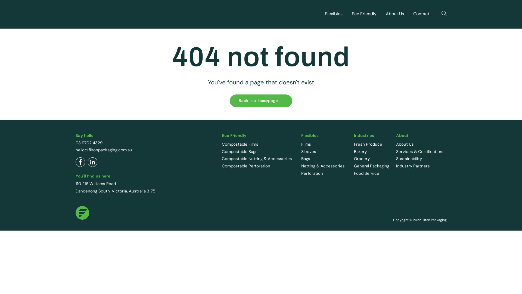 This screenshot has height=294, width=522. What do you see at coordinates (396, 151) in the screenshot?
I see `'Services & Certifications'` at bounding box center [396, 151].